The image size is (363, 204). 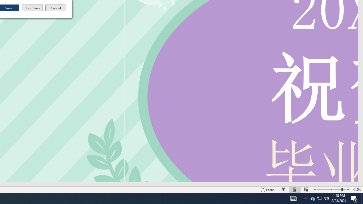 I want to click on 'Q2790: 100%', so click(x=326, y=198).